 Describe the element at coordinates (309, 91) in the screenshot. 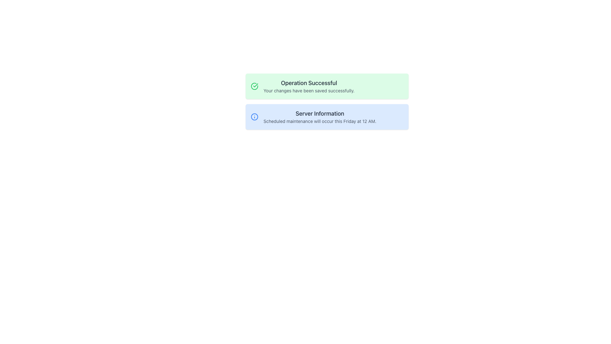

I see `confirmation message text located below the heading 'Operation Successful' within the green success notification area, specifically the second line of text` at that location.